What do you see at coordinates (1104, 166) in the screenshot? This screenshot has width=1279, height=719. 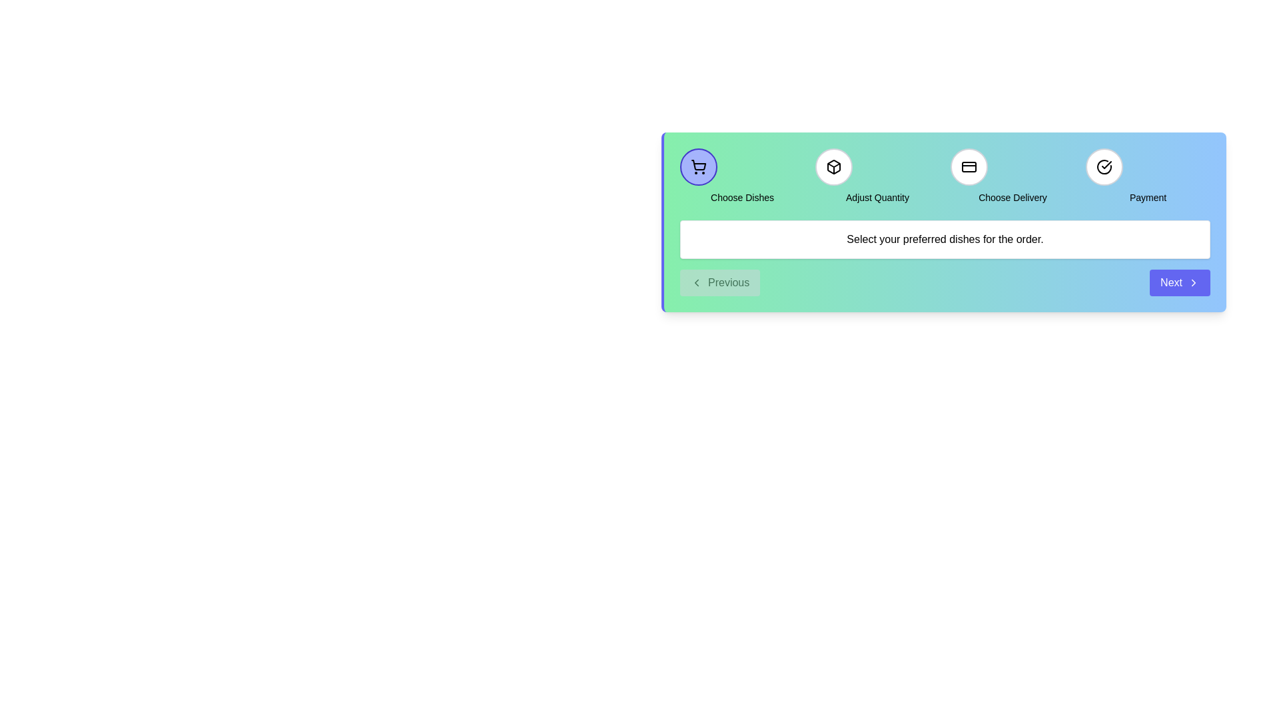 I see `the circular icon with a checked mark inside, located on the far right of the navigation bar` at bounding box center [1104, 166].